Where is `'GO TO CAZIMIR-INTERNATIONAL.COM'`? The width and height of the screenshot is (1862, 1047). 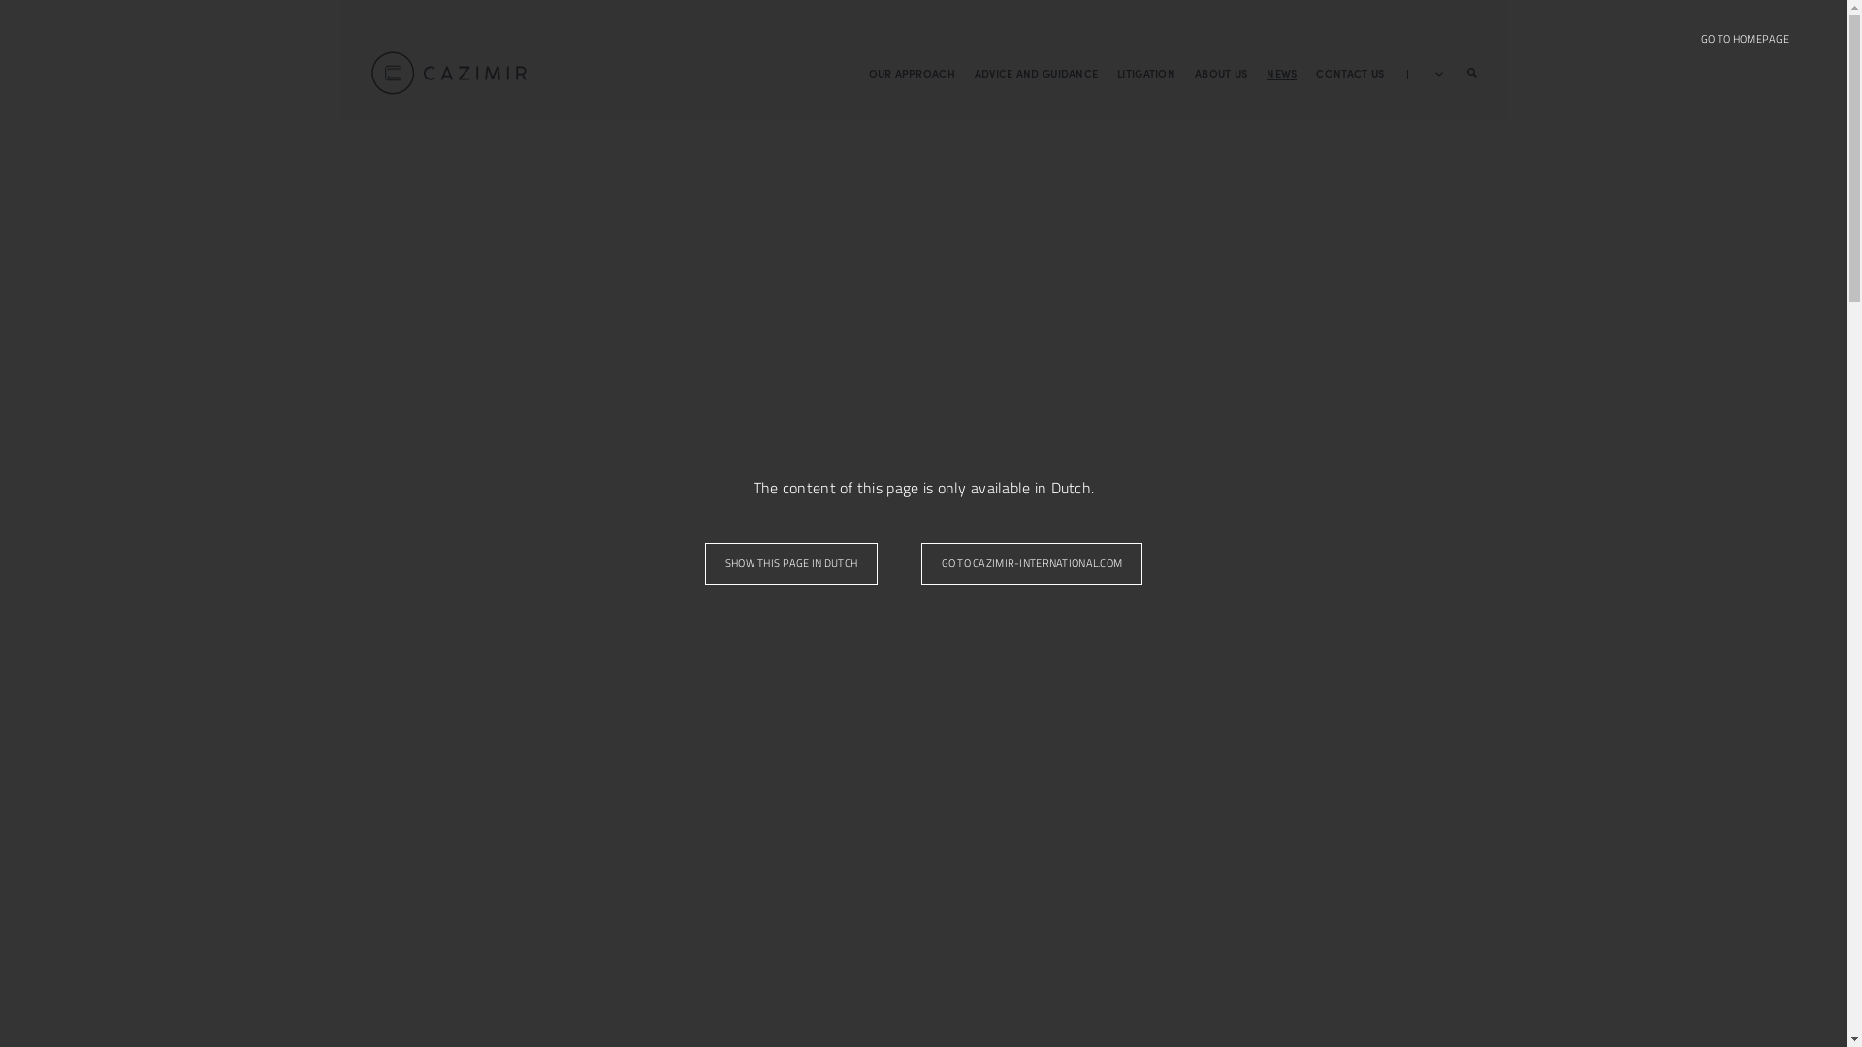
'GO TO CAZIMIR-INTERNATIONAL.COM' is located at coordinates (920, 563).